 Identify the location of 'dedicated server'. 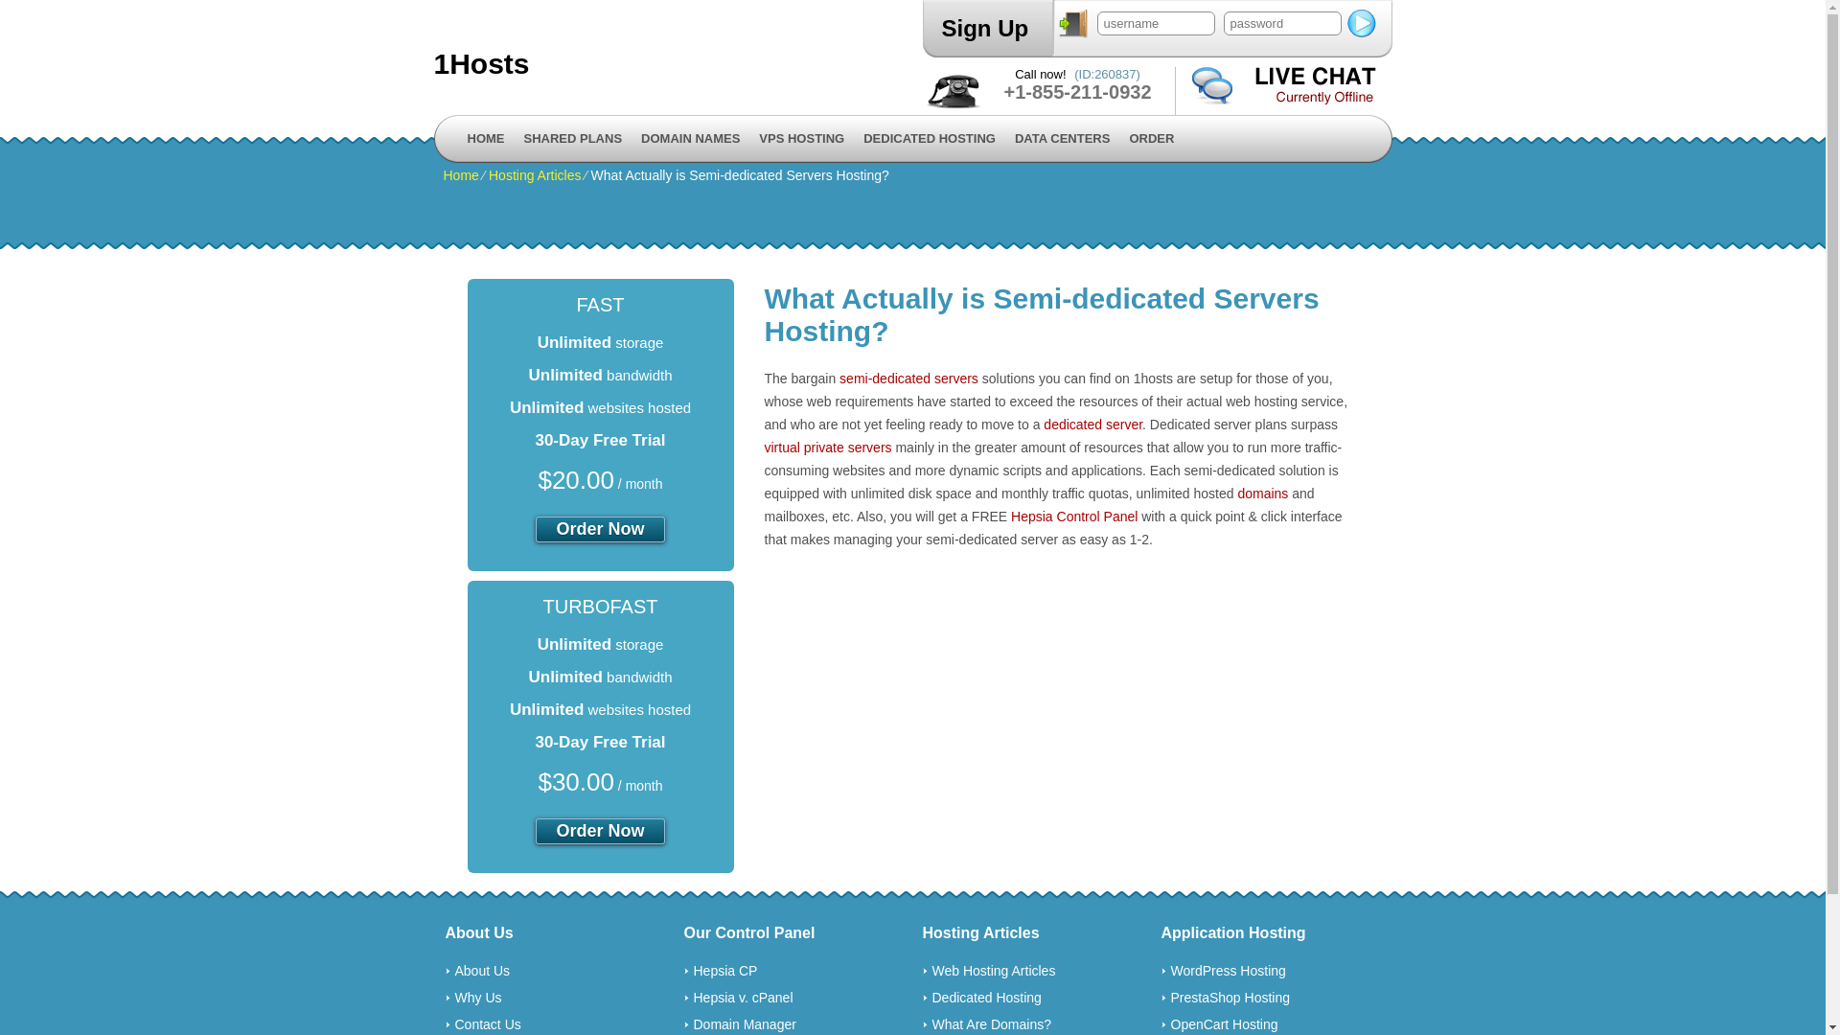
(1092, 424).